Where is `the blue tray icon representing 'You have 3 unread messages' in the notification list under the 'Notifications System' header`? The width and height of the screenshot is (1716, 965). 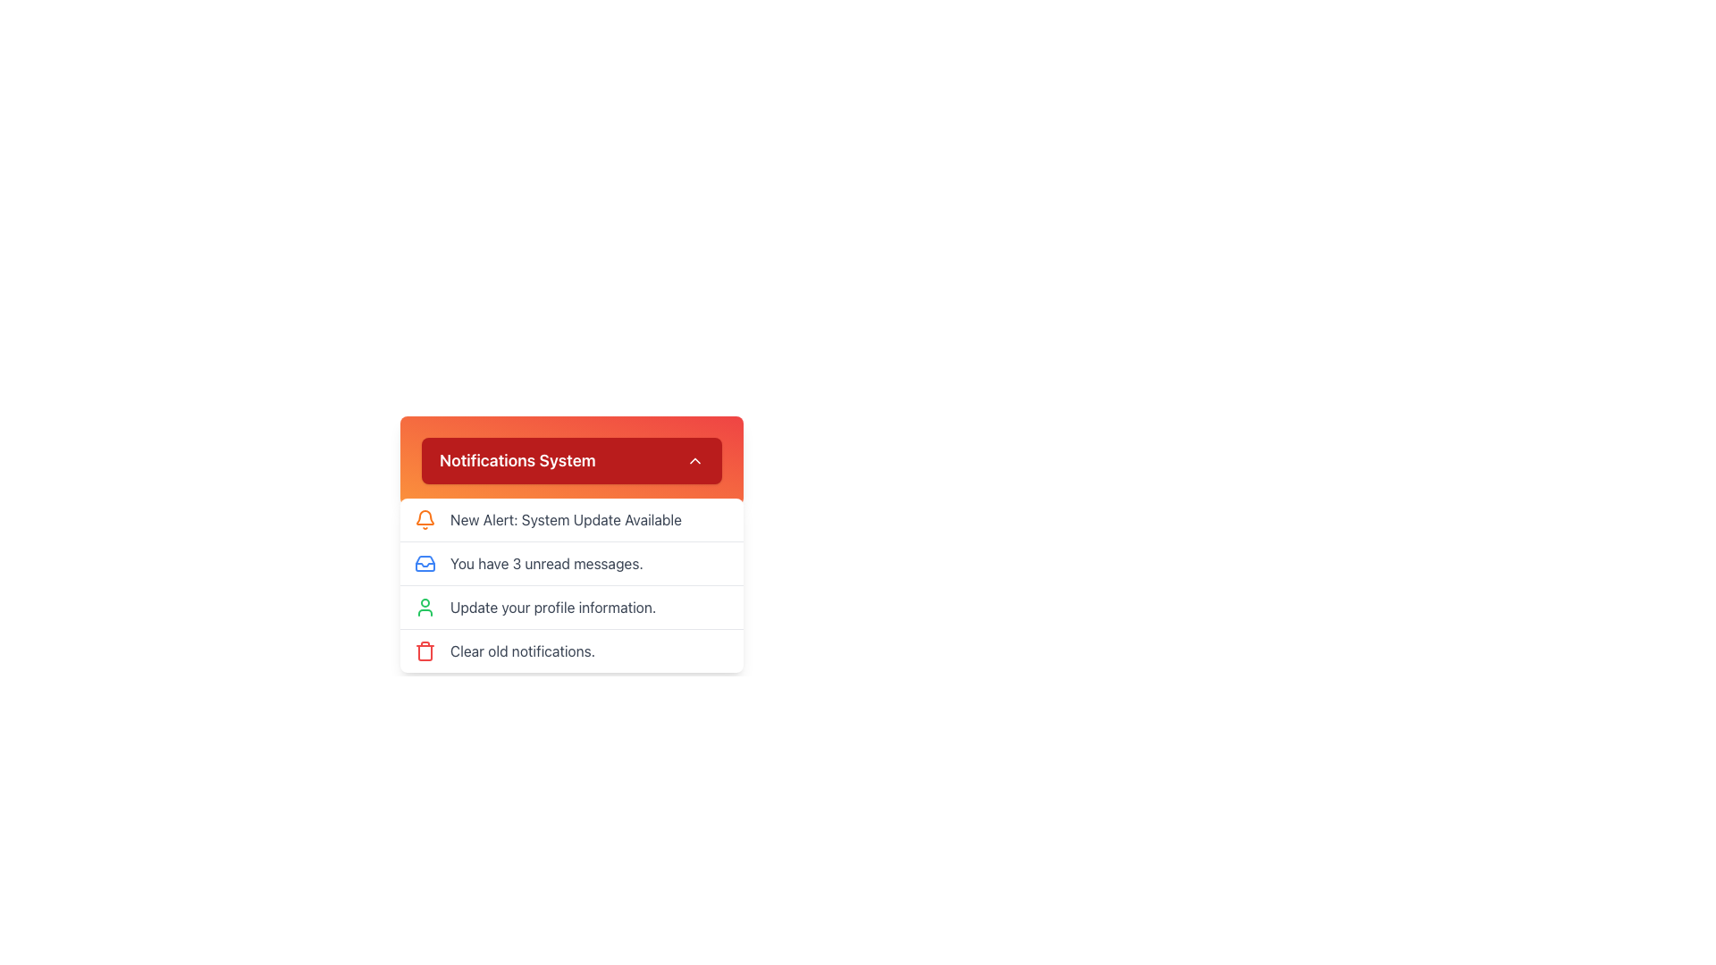
the blue tray icon representing 'You have 3 unread messages' in the notification list under the 'Notifications System' header is located at coordinates (424, 564).